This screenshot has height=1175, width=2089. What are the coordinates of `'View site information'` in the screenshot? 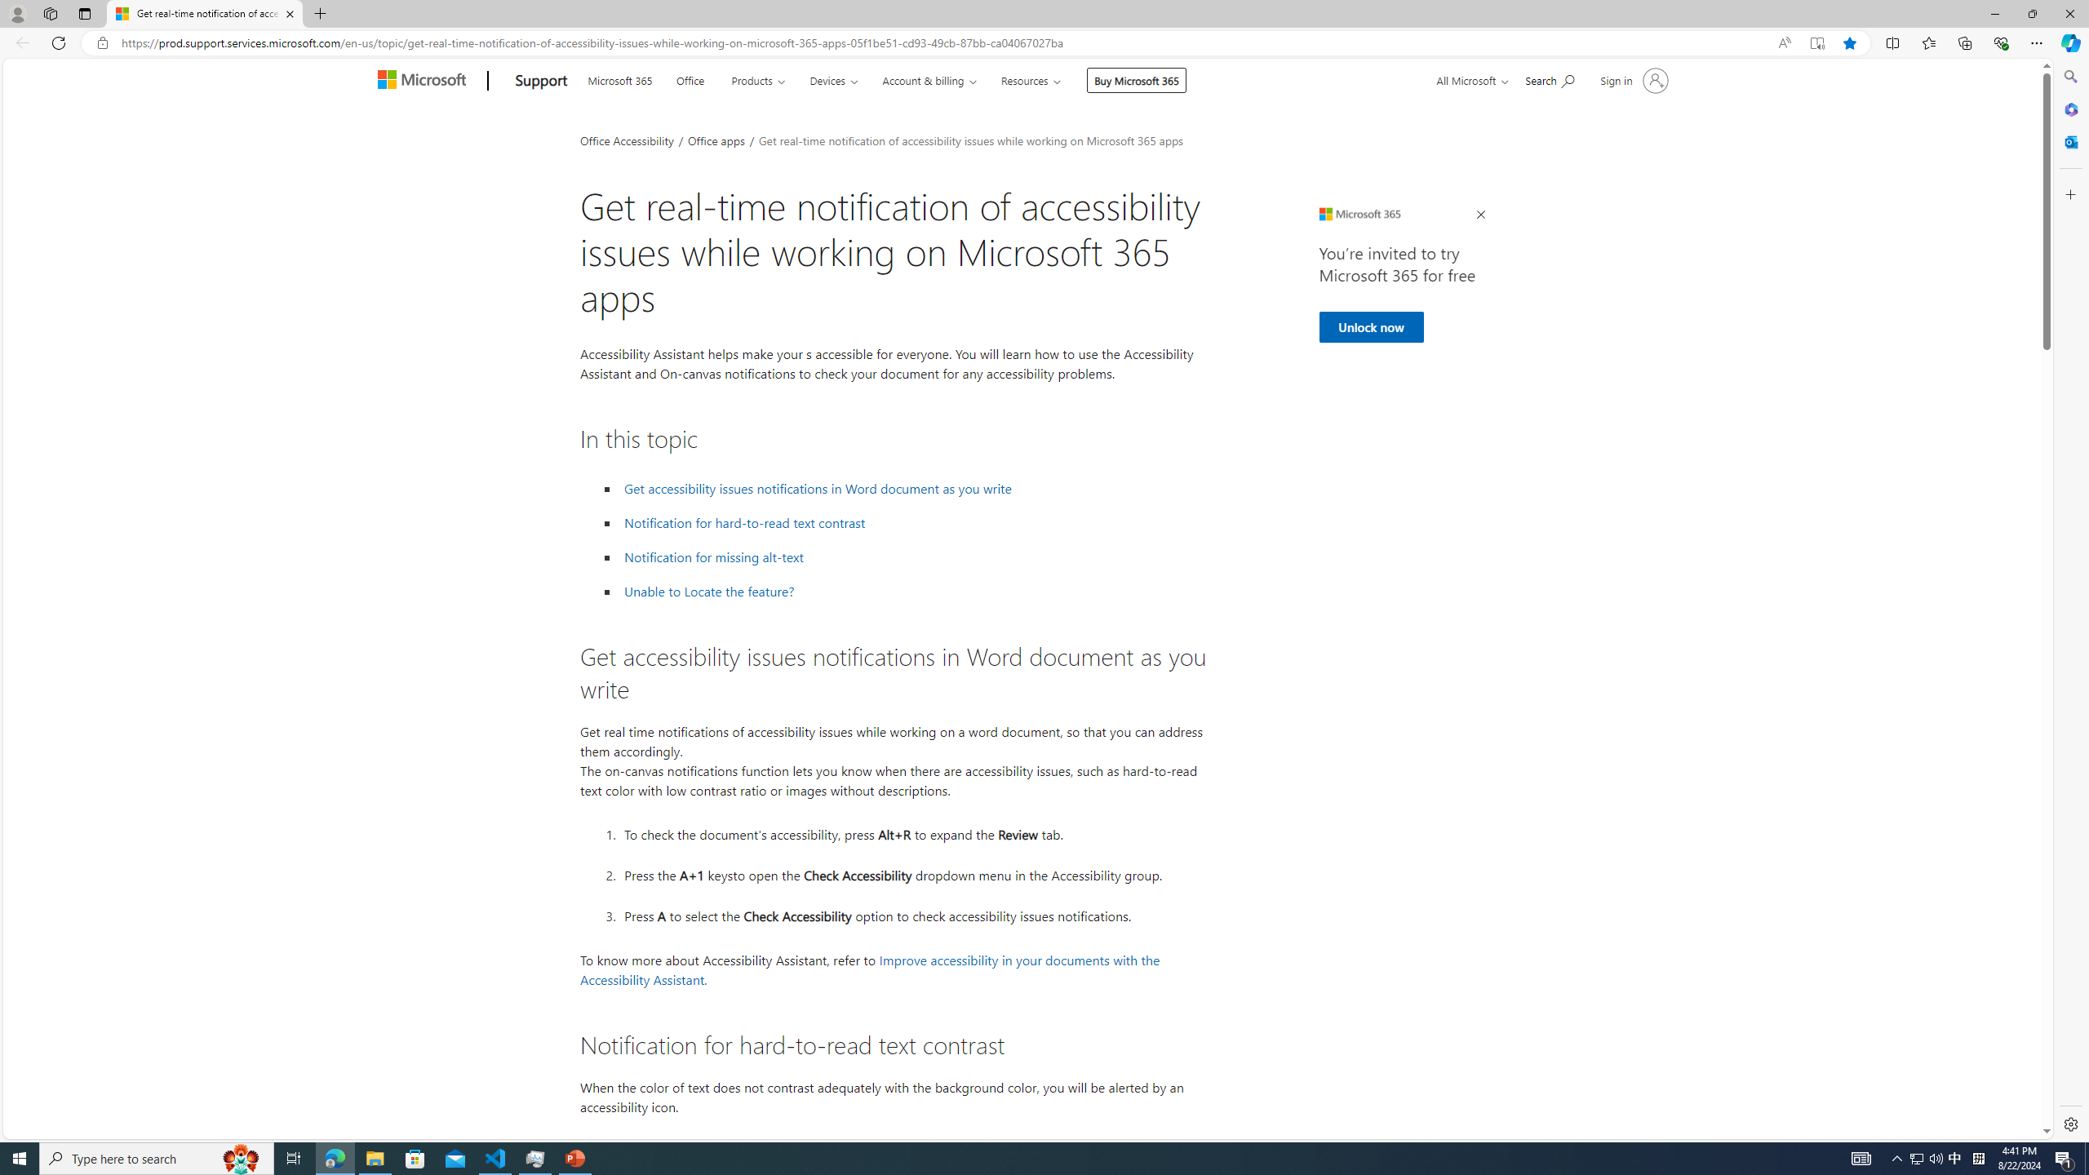 It's located at (102, 43).